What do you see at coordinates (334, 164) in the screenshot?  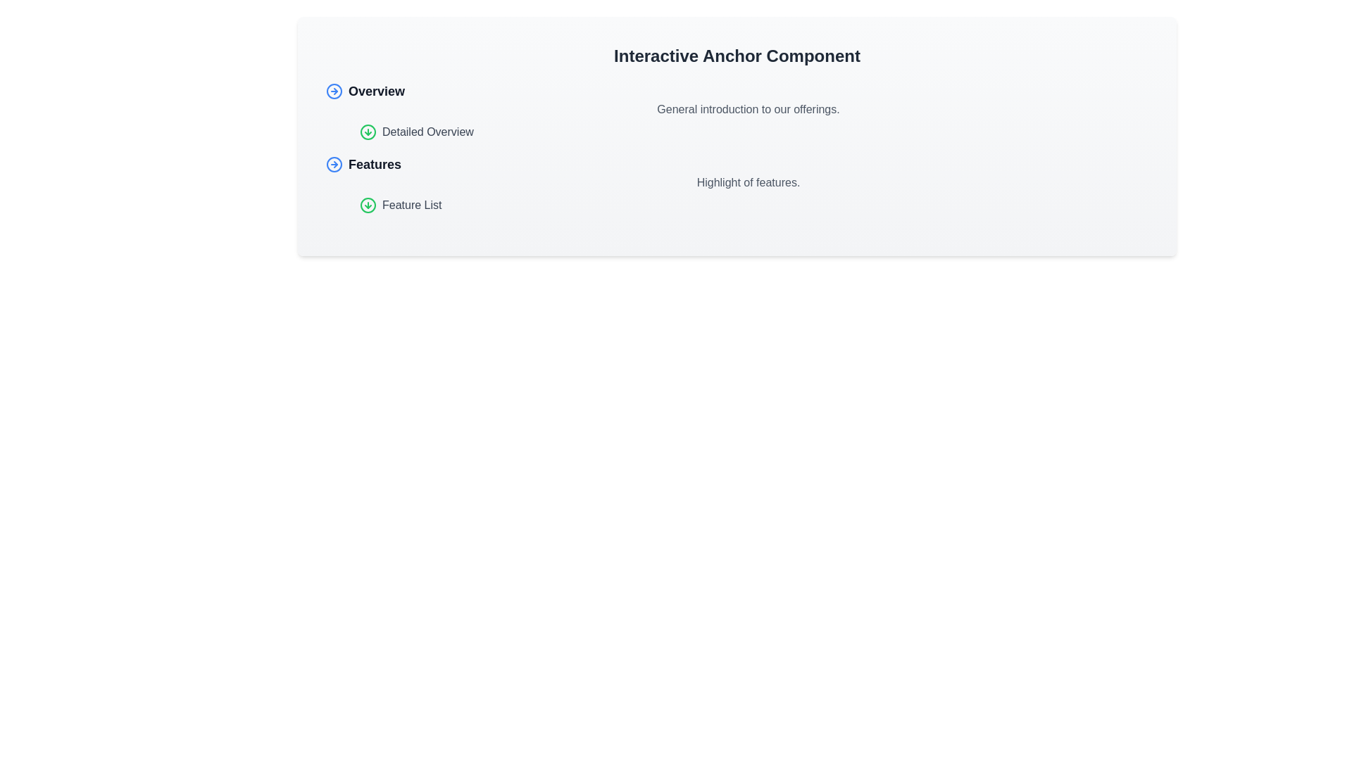 I see `the circular icon with a rightward-pointing arrow, outlined in blue, located to the left of the 'Features' heading` at bounding box center [334, 164].